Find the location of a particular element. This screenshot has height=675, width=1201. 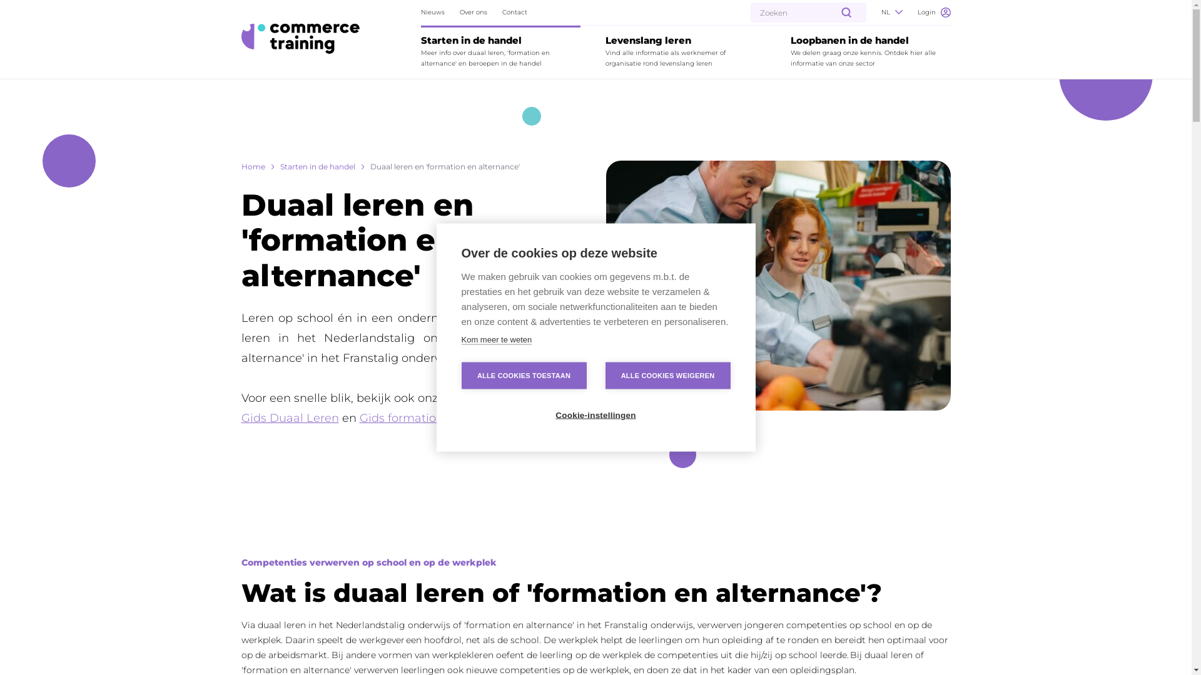

'Duaal leren en 'formation en alternance'' is located at coordinates (445, 166).